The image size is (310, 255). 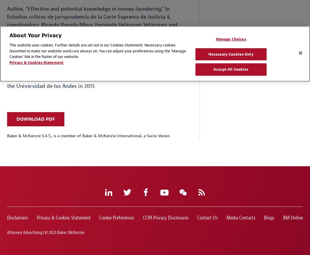 I want to click on 'Baker & McKenzie S.A.S., is a member of Baker & McKenzie International, a Swiss Verein', so click(x=88, y=135).